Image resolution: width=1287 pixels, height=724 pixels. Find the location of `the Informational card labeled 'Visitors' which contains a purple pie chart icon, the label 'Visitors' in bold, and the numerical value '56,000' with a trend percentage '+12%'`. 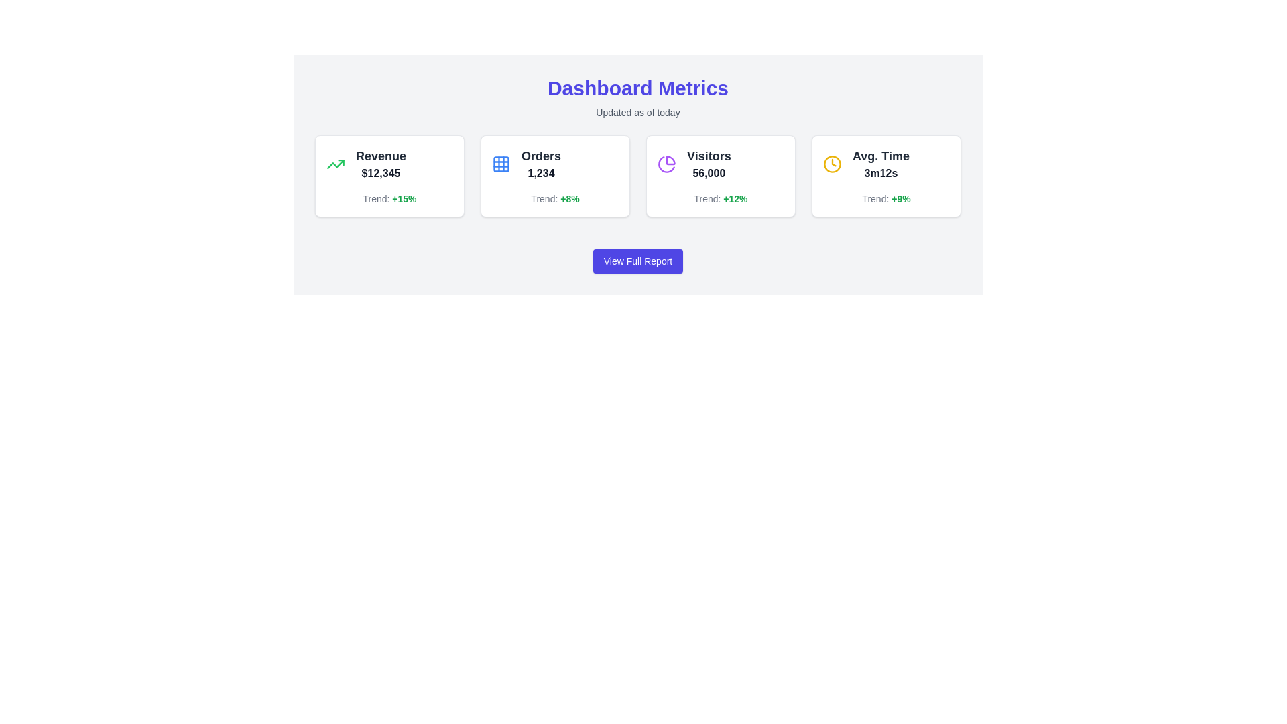

the Informational card labeled 'Visitors' which contains a purple pie chart icon, the label 'Visitors' in bold, and the numerical value '56,000' with a trend percentage '+12%' is located at coordinates (720, 175).